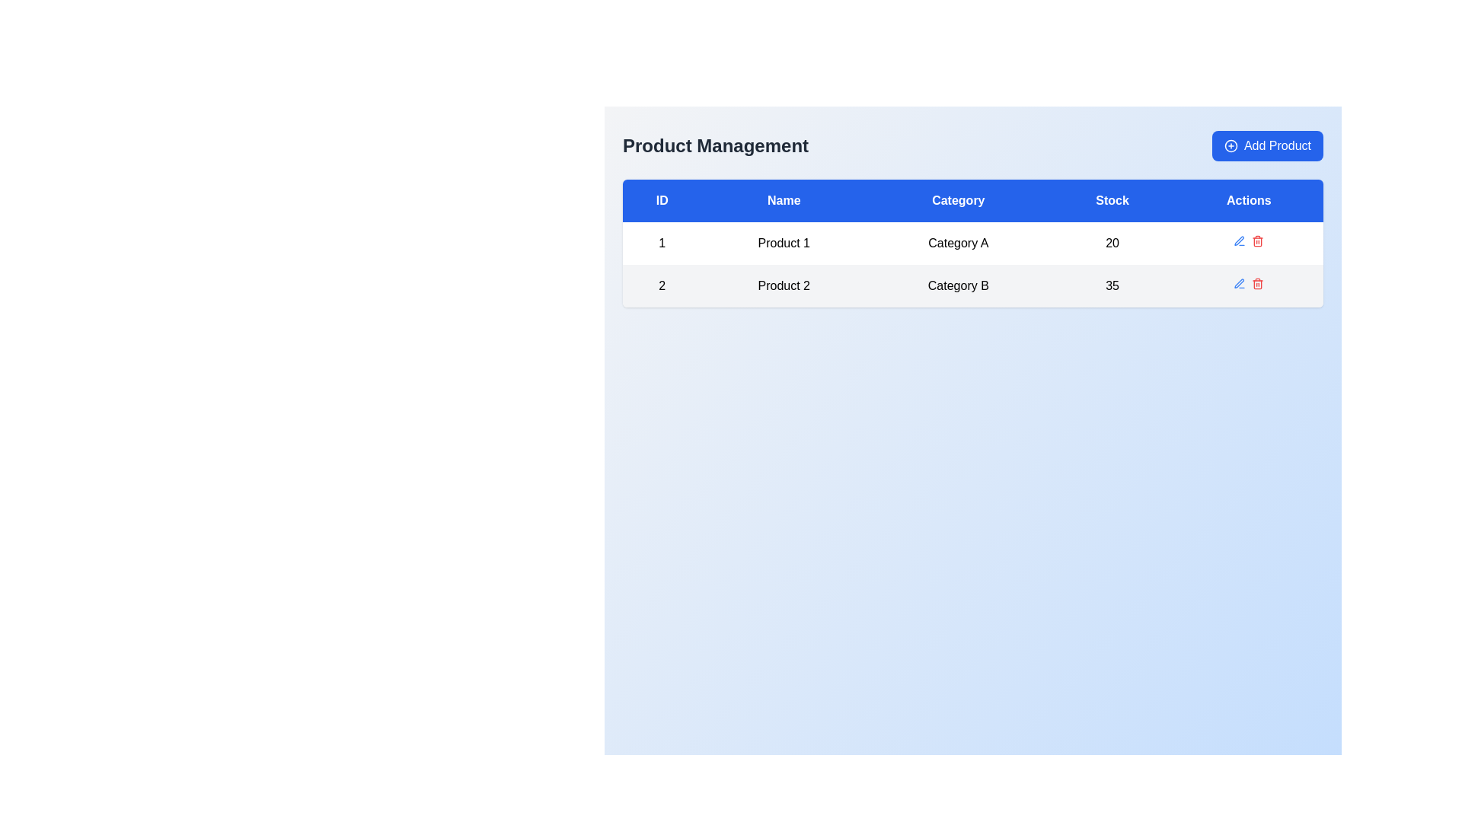 Image resolution: width=1462 pixels, height=822 pixels. Describe the element at coordinates (784, 243) in the screenshot. I see `the text display label showing 'Product 1' in the first row of the table under the 'Name' column` at that location.